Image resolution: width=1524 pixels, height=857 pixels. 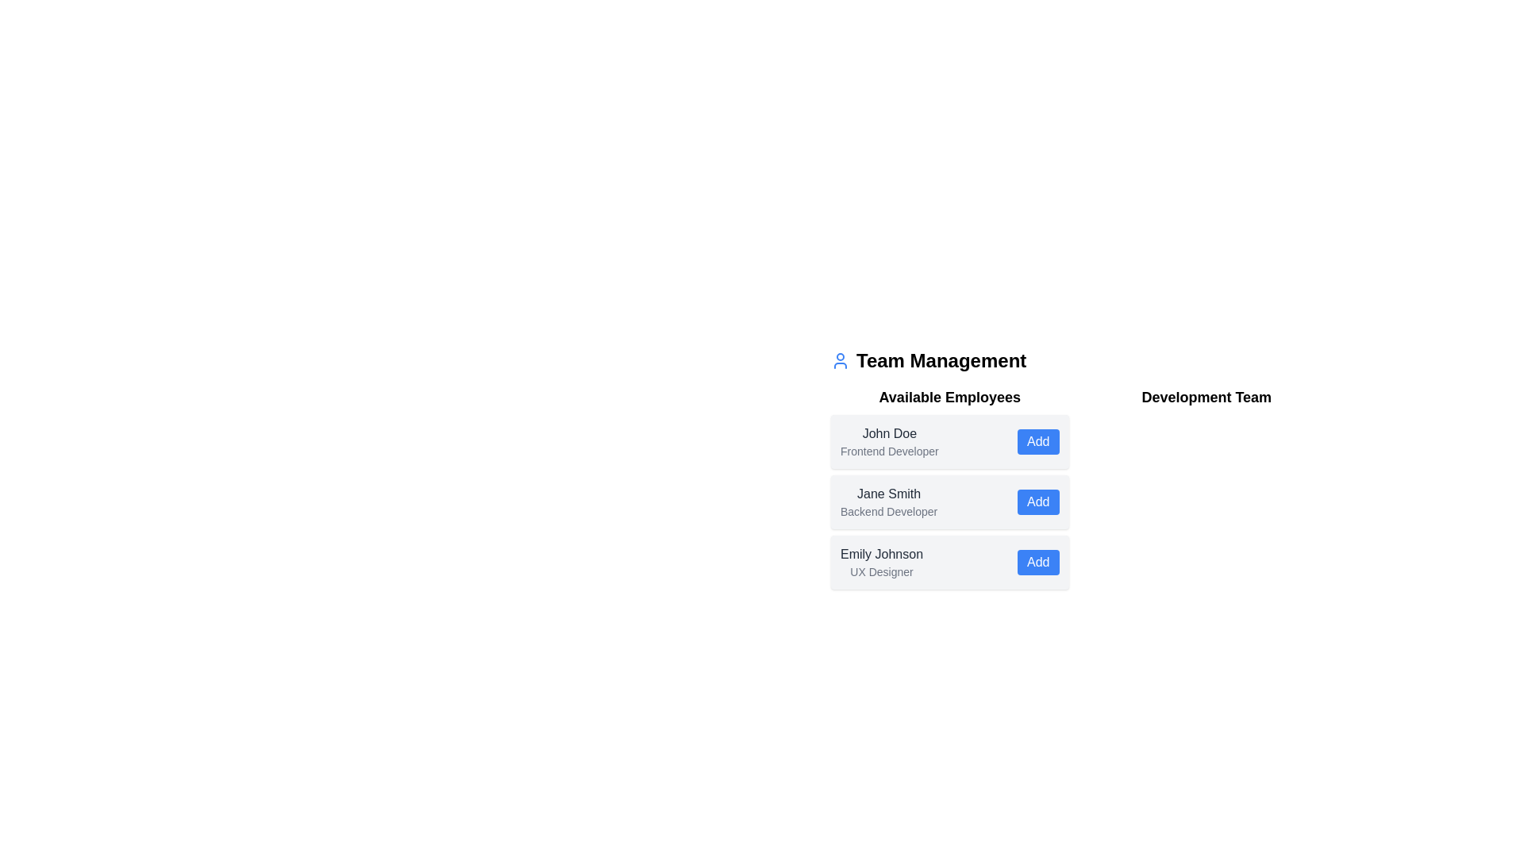 What do you see at coordinates (949, 502) in the screenshot?
I see `text information for the employee 'Jane Smith' and their role 'Backend Developer' by clicking on the corresponding List item button` at bounding box center [949, 502].